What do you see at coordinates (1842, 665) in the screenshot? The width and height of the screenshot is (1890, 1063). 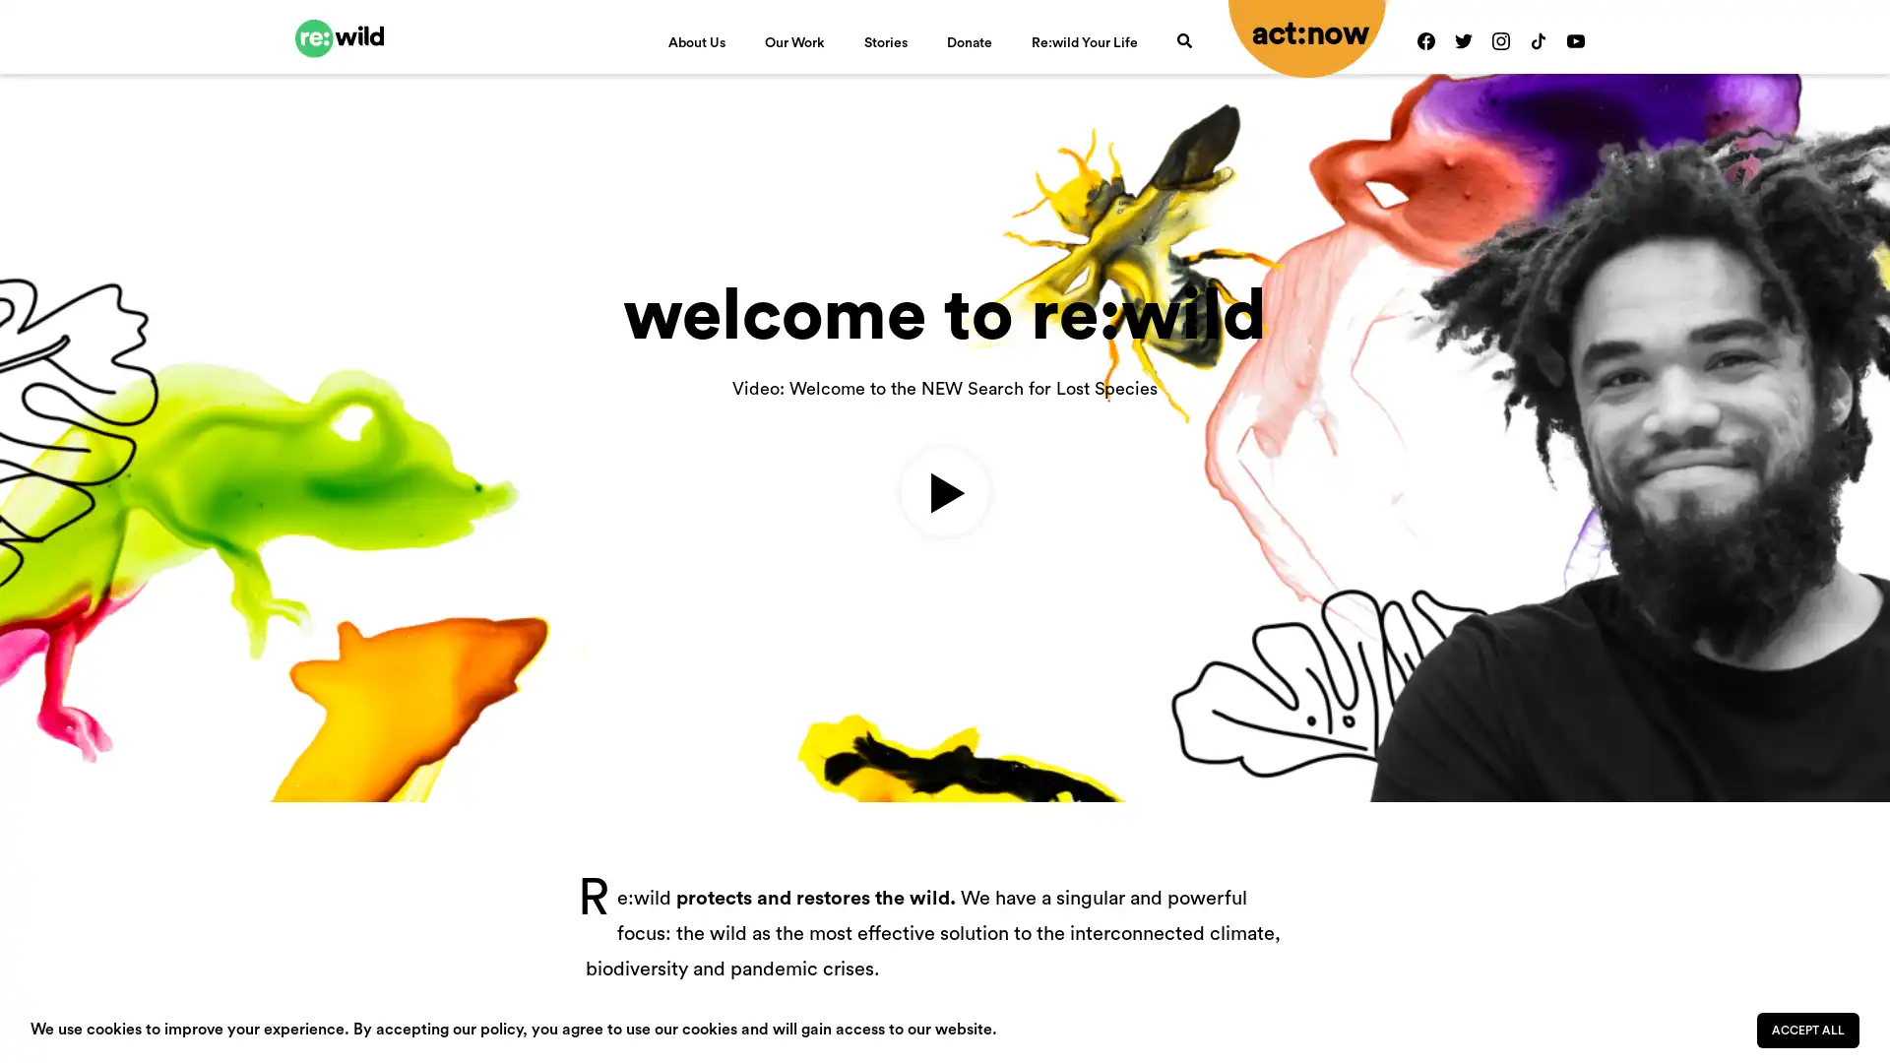 I see `show more media controls` at bounding box center [1842, 665].